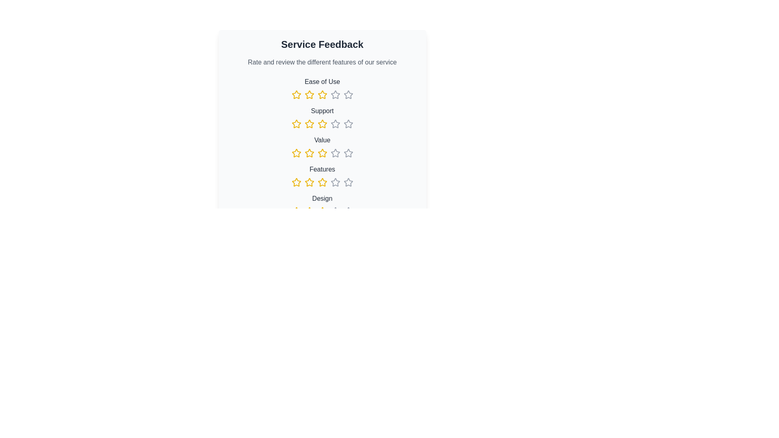  What do you see at coordinates (296, 124) in the screenshot?
I see `the second yellow star icon in the row of five stars under the 'Support' category` at bounding box center [296, 124].